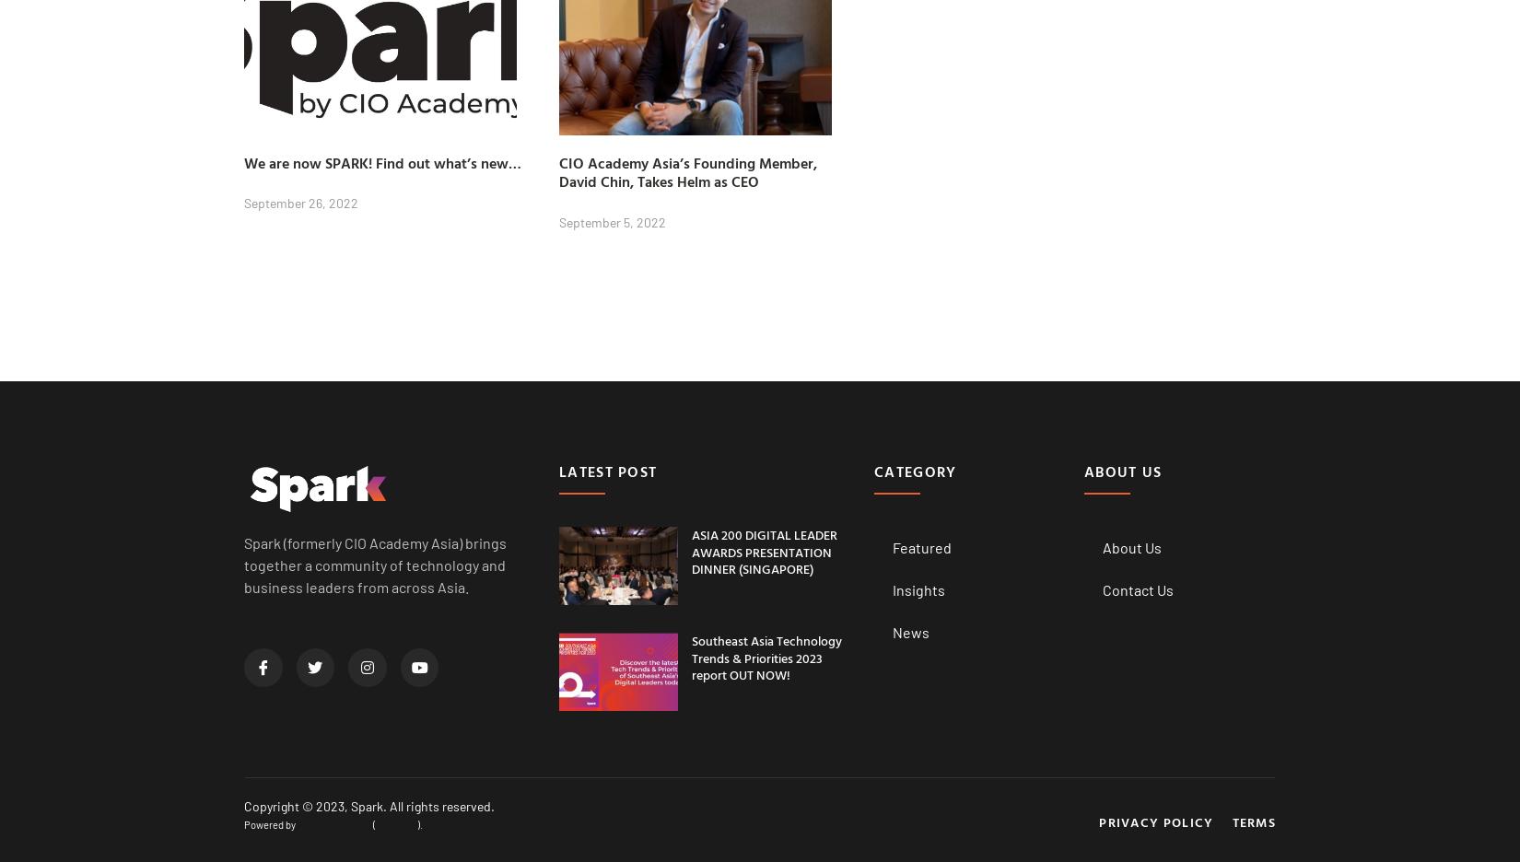  I want to click on '360', so click(354, 822).